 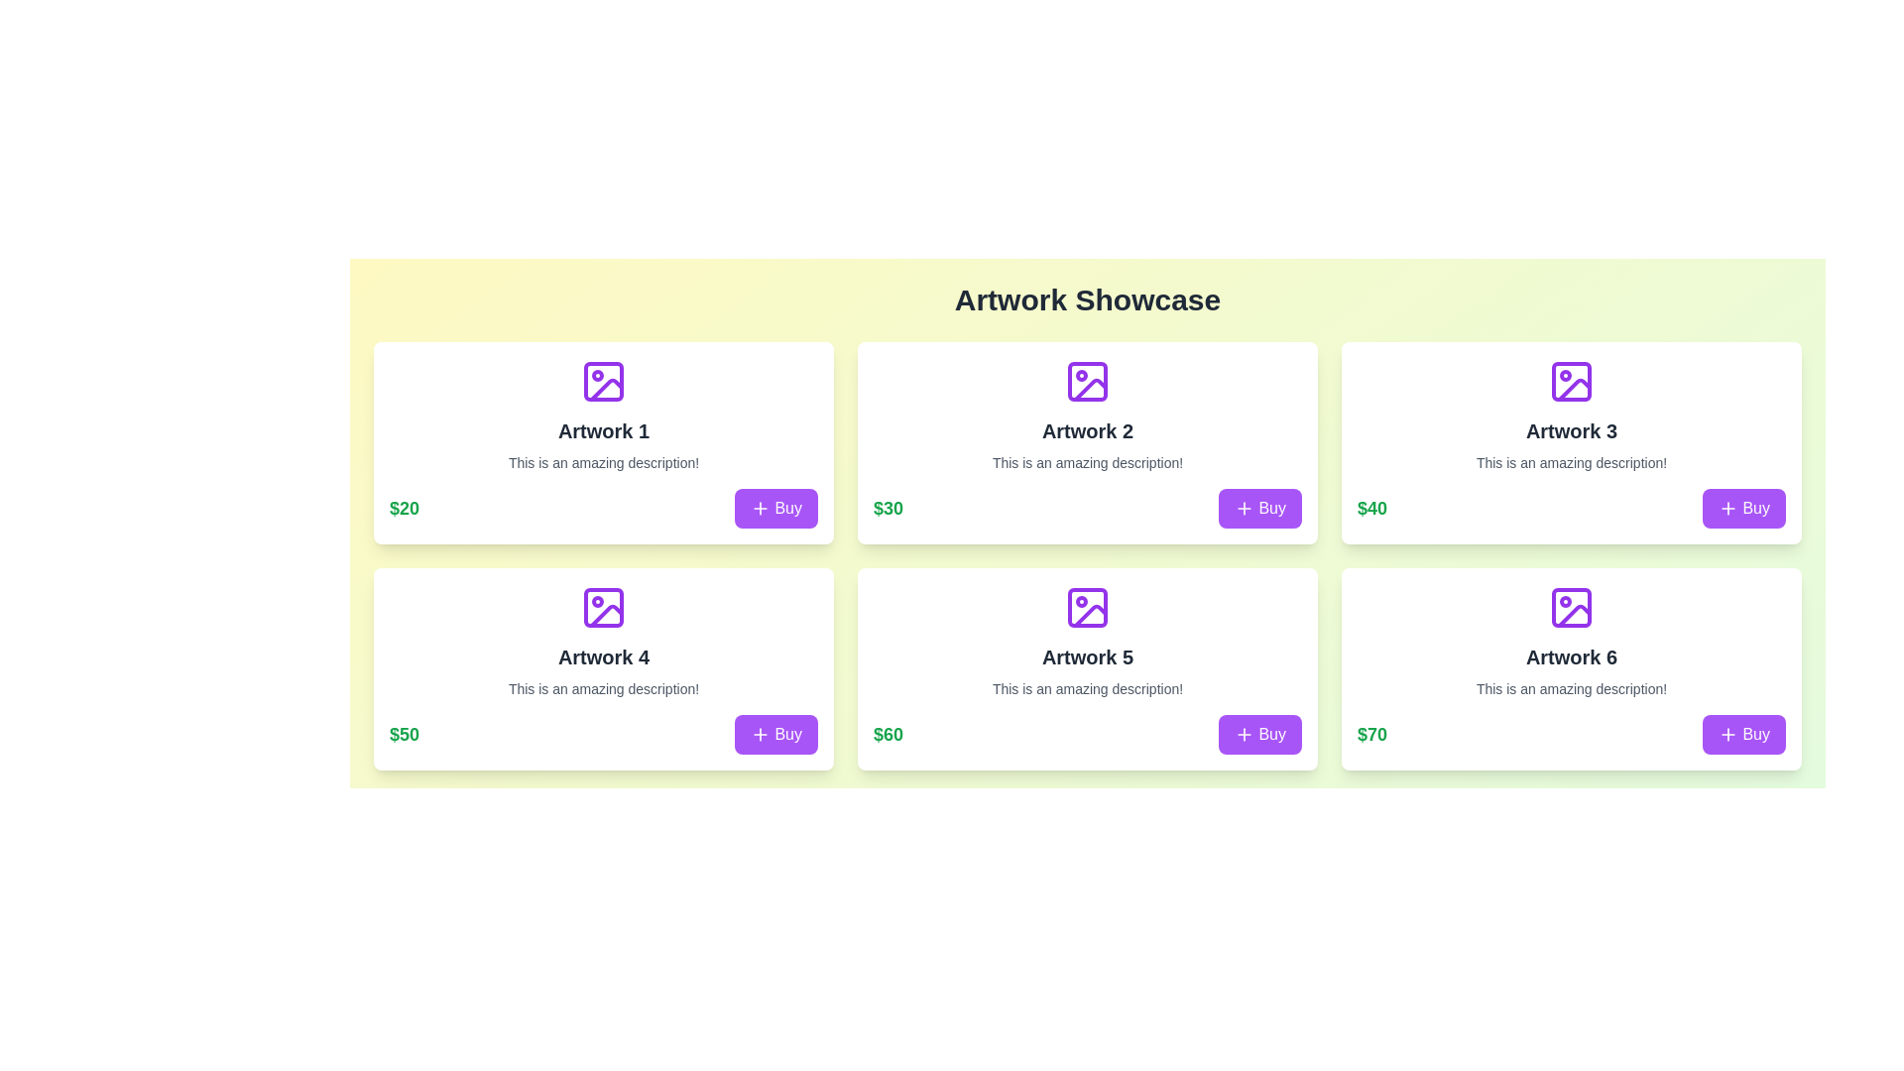 I want to click on the bold, large-sized header text reading 'Artwork Showcase' that is centered at the top of the page with a dark gray color on a light gradient background, so click(x=1087, y=300).